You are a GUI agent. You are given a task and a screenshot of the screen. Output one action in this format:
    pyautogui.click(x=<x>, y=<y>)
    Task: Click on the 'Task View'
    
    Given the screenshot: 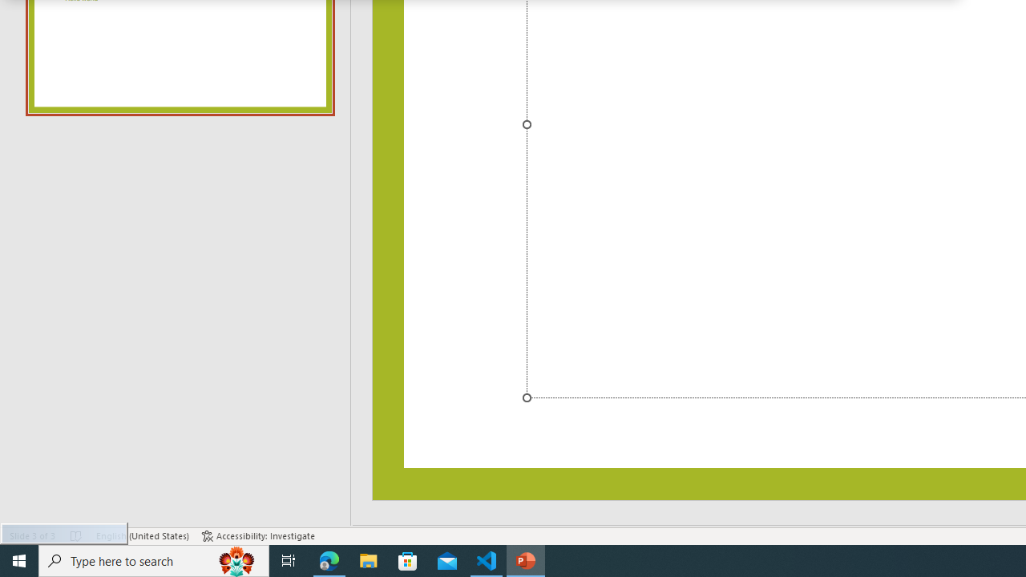 What is the action you would take?
    pyautogui.click(x=288, y=559)
    